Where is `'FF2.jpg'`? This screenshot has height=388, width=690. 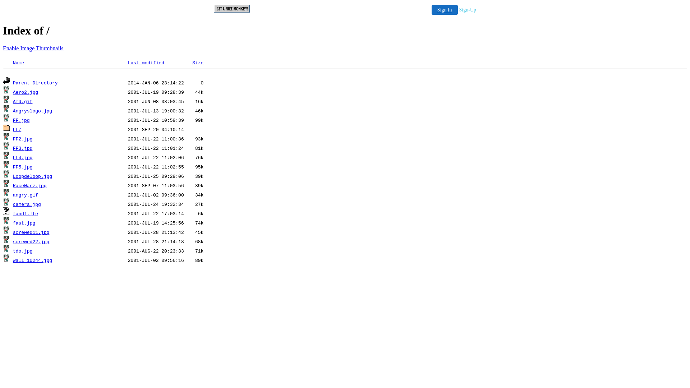 'FF2.jpg' is located at coordinates (23, 139).